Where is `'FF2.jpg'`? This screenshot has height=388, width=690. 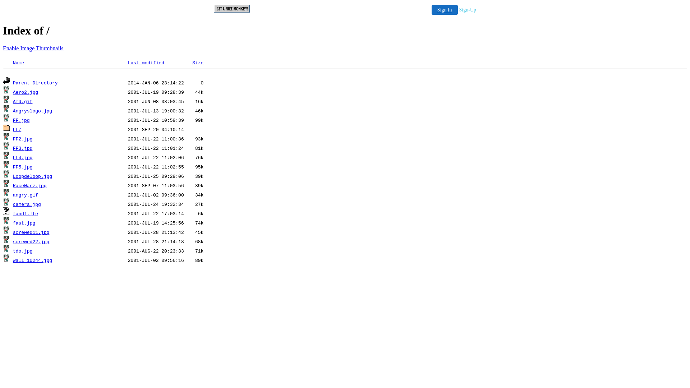 'FF2.jpg' is located at coordinates (23, 139).